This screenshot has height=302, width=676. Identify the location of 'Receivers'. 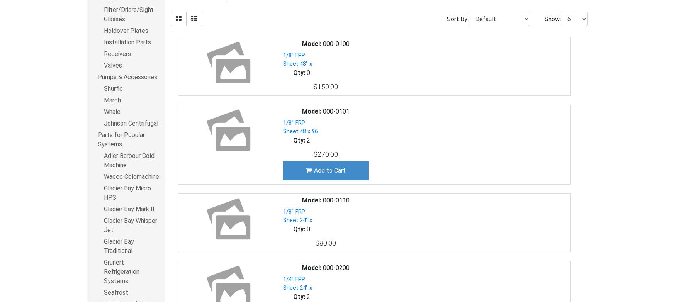
(117, 54).